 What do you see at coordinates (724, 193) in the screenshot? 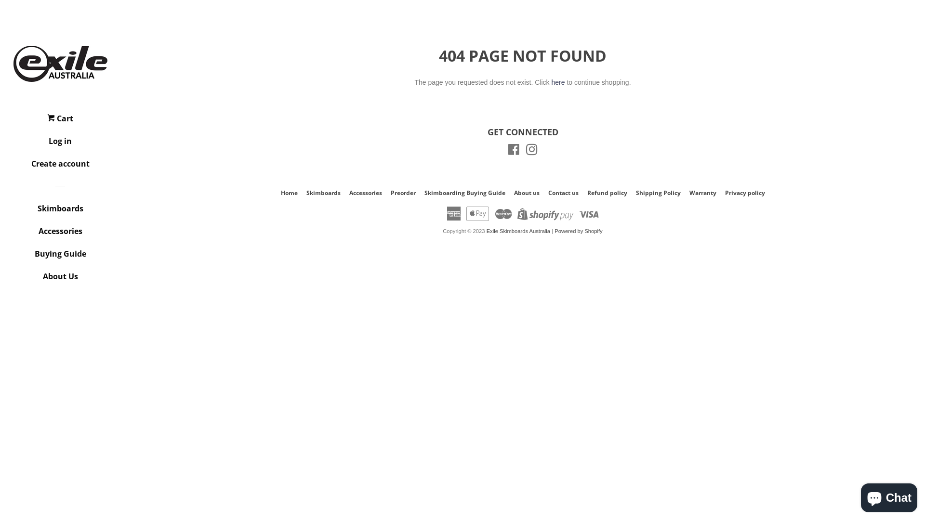
I see `'Privacy policy'` at bounding box center [724, 193].